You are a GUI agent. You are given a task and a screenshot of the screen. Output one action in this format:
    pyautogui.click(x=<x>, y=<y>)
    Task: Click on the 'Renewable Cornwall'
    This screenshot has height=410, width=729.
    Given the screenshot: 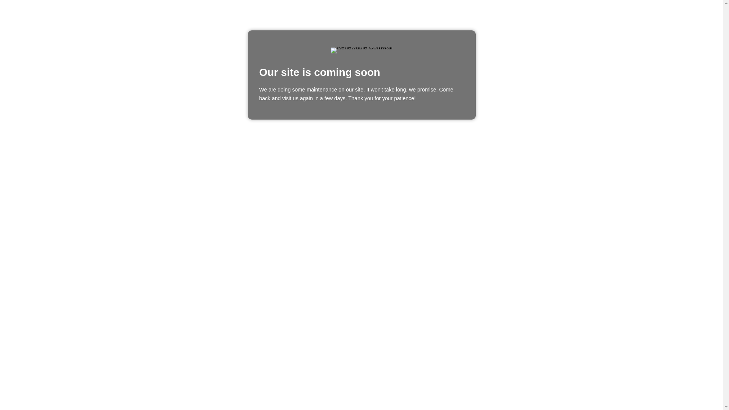 What is the action you would take?
    pyautogui.click(x=361, y=50)
    